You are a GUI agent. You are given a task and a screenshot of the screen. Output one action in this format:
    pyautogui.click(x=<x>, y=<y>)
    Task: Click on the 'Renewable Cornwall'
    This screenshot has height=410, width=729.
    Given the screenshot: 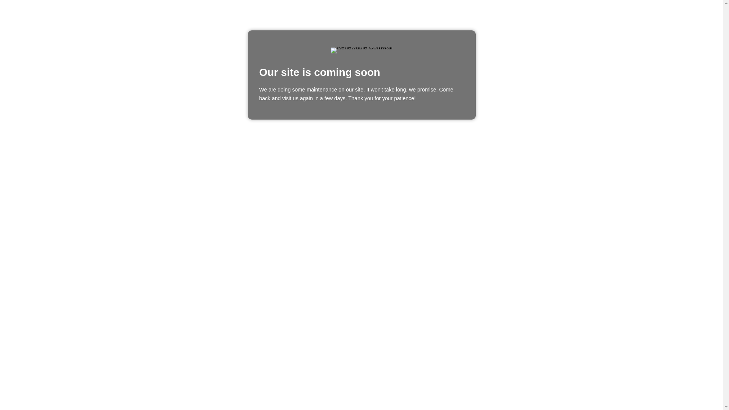 What is the action you would take?
    pyautogui.click(x=361, y=50)
    